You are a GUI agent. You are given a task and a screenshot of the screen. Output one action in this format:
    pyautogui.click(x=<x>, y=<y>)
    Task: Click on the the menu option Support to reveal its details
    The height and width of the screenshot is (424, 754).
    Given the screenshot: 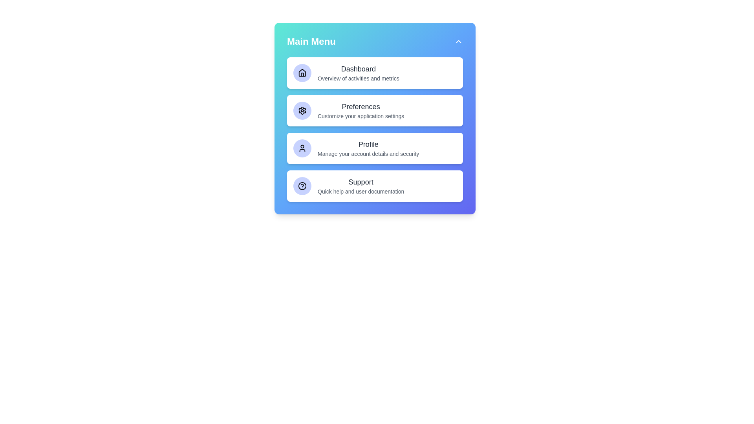 What is the action you would take?
    pyautogui.click(x=375, y=186)
    